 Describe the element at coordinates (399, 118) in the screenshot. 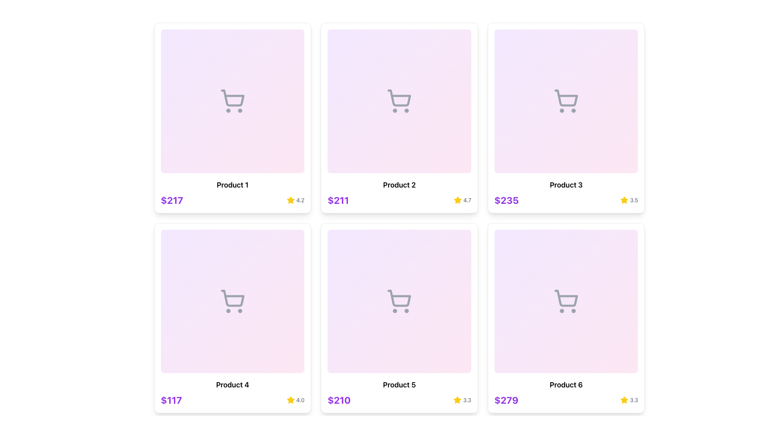

I see `the Product card representing 'Product 2'` at that location.